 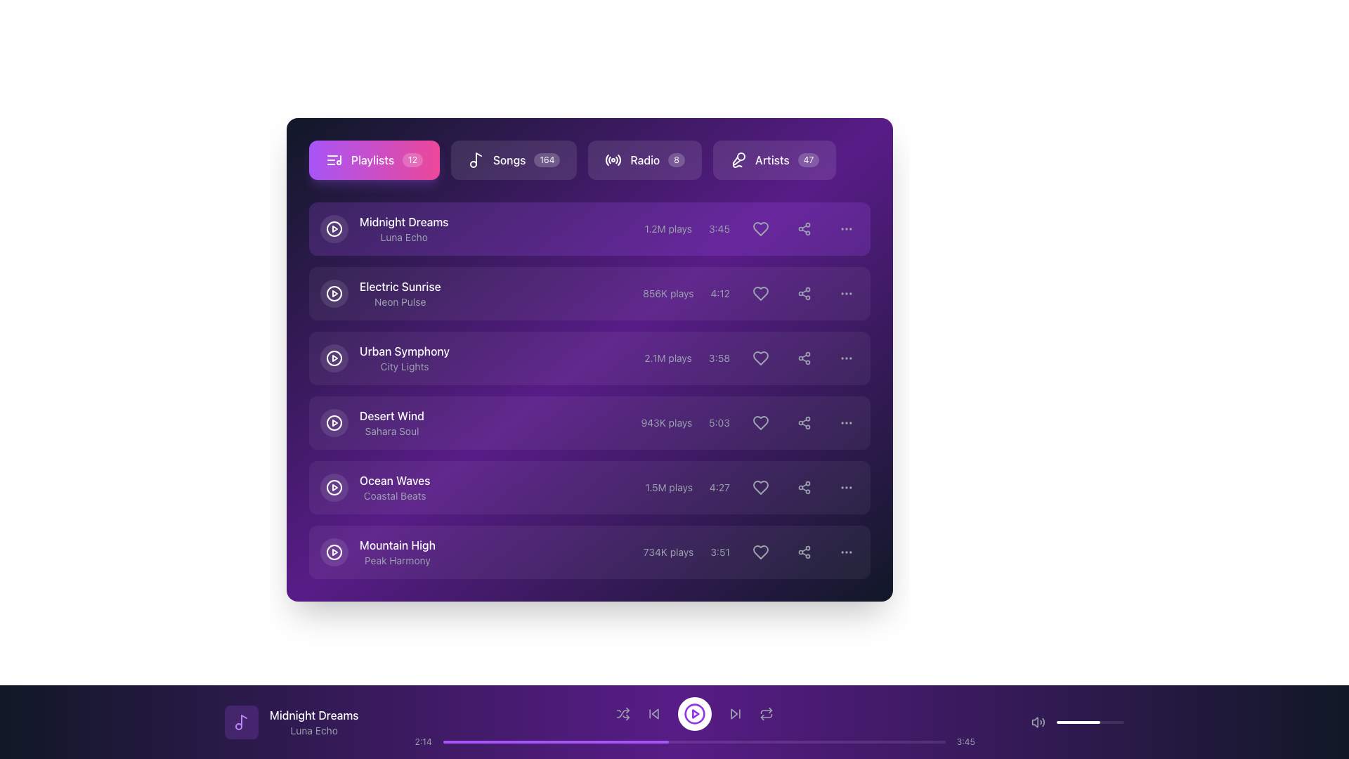 What do you see at coordinates (804, 422) in the screenshot?
I see `the sharing icon located in the last row of the playlist table, adjacent to the 'heart' icon and before the 'ellipsis' menu icon` at bounding box center [804, 422].